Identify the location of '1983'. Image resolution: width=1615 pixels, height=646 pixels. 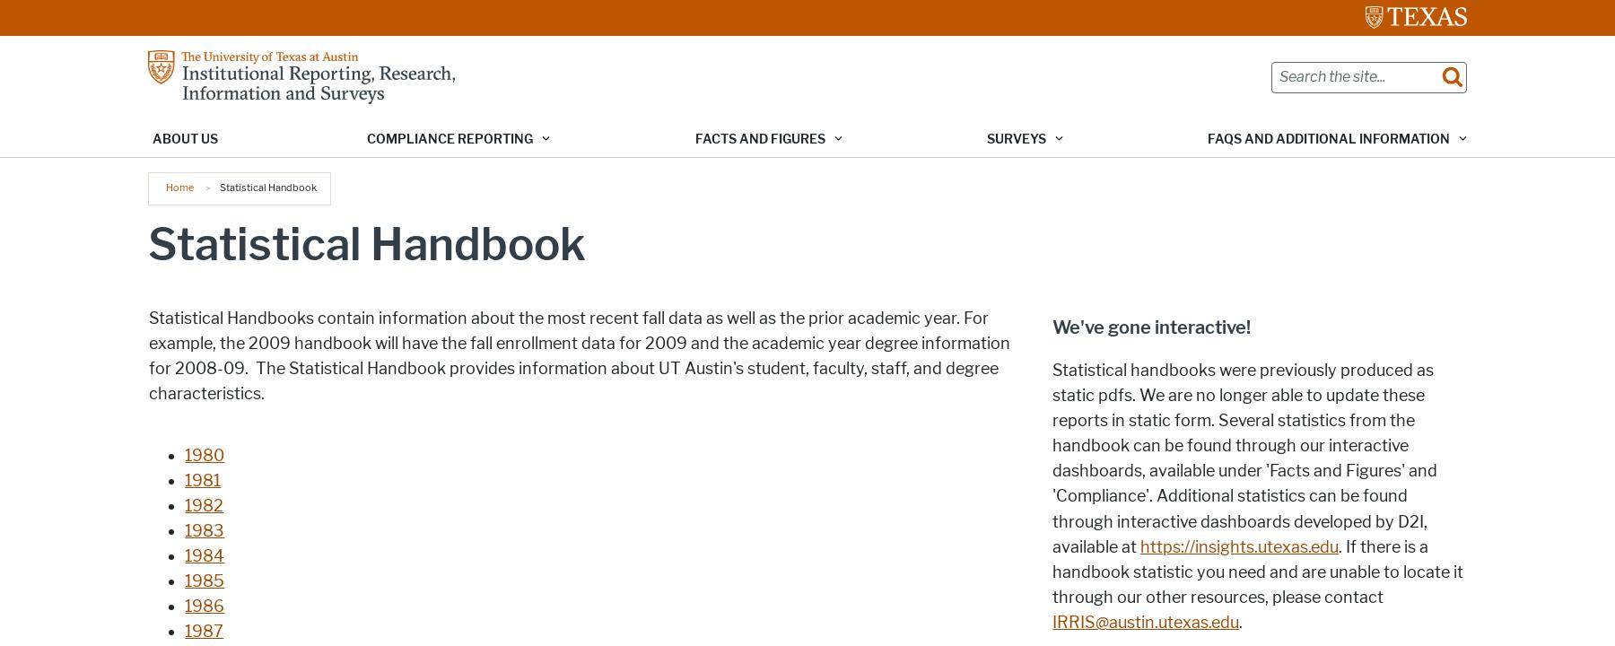
(184, 528).